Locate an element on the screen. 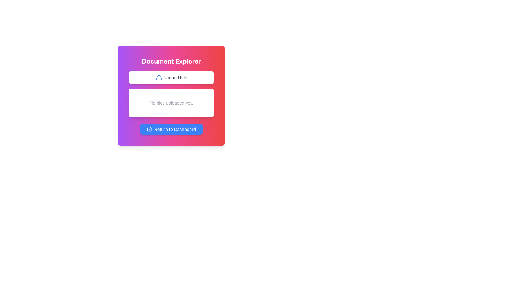 The height and width of the screenshot is (297, 529). the informational message element that indicates no files have been uploaded yet, positioned centrally between the 'Upload File' section and the 'Return to Dashboard' button is located at coordinates (171, 103).